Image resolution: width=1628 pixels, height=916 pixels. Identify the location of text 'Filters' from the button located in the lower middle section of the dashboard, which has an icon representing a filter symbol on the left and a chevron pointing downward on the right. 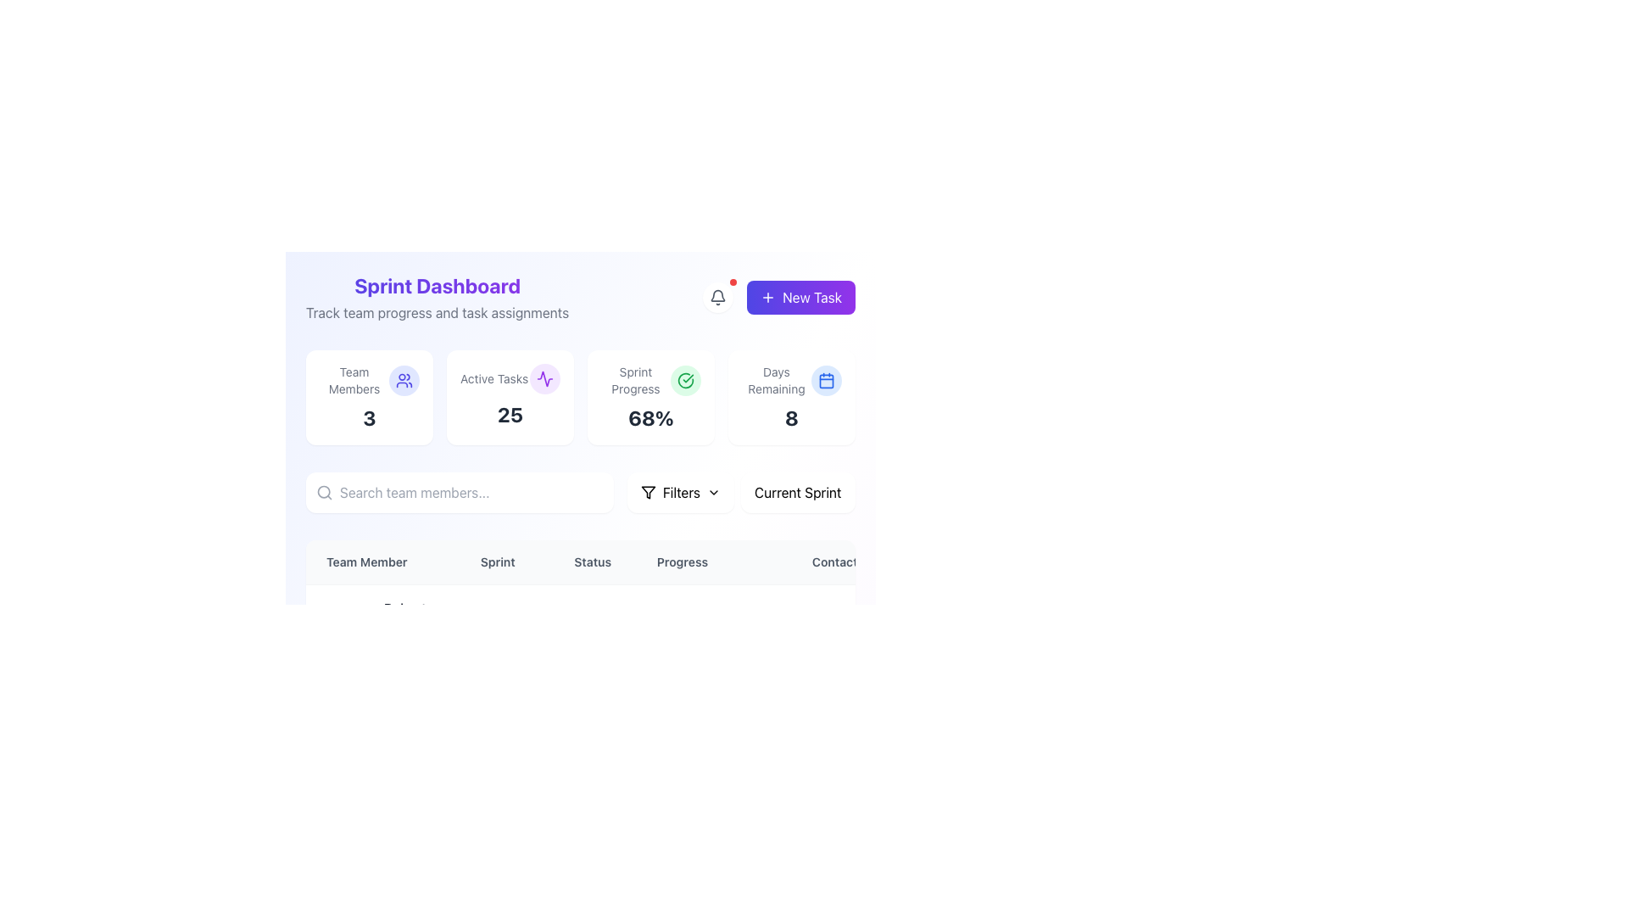
(681, 493).